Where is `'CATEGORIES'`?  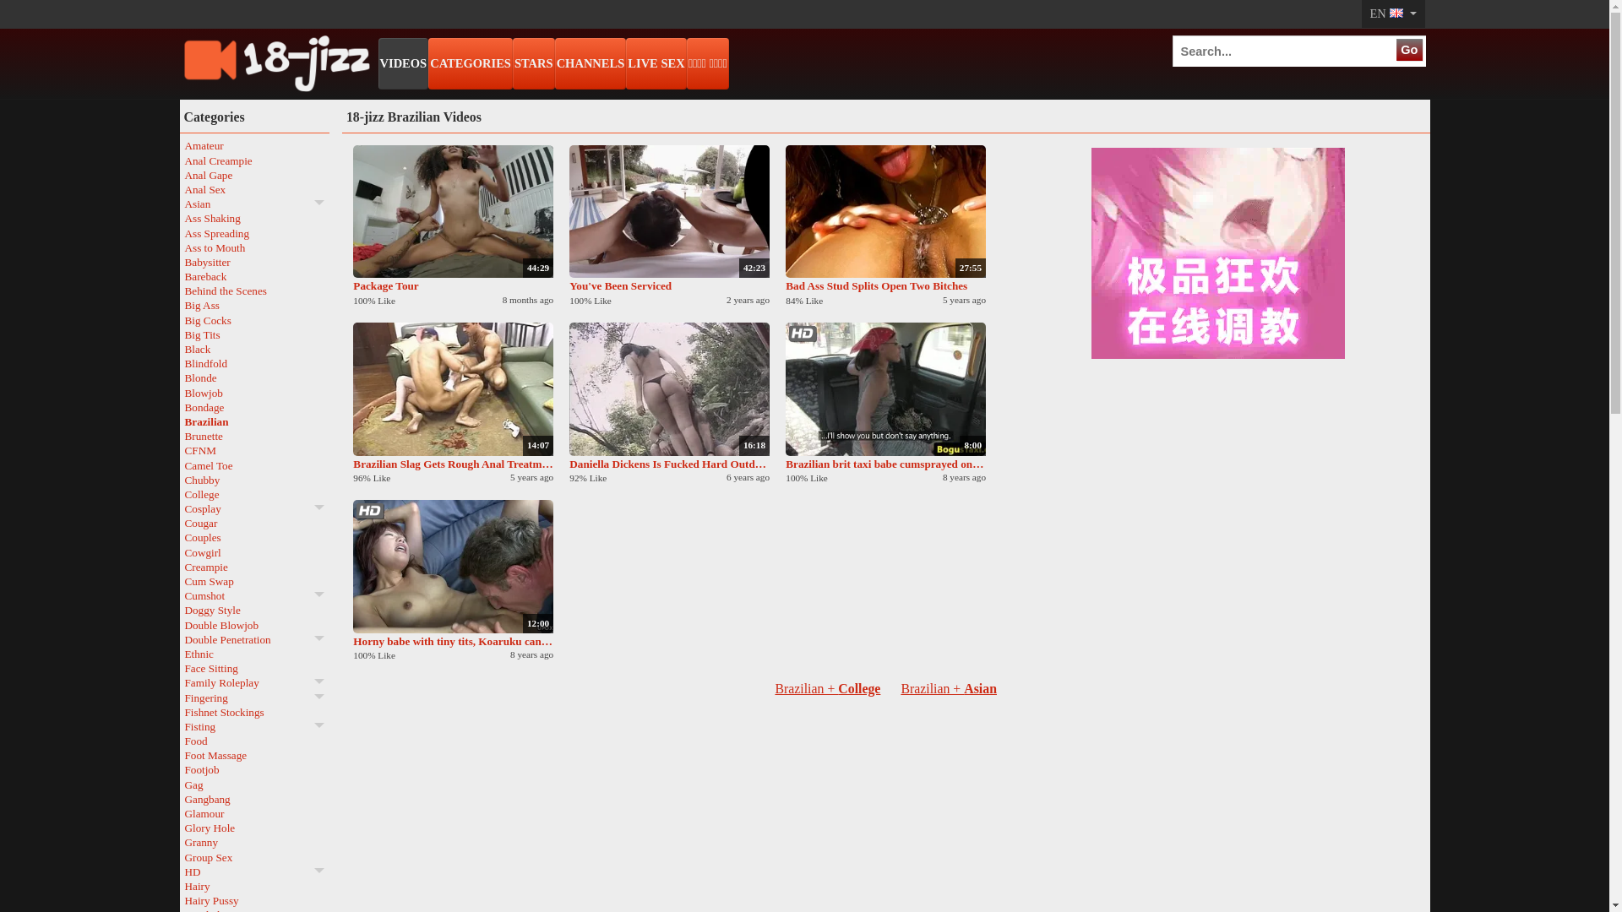
'CATEGORIES' is located at coordinates (470, 62).